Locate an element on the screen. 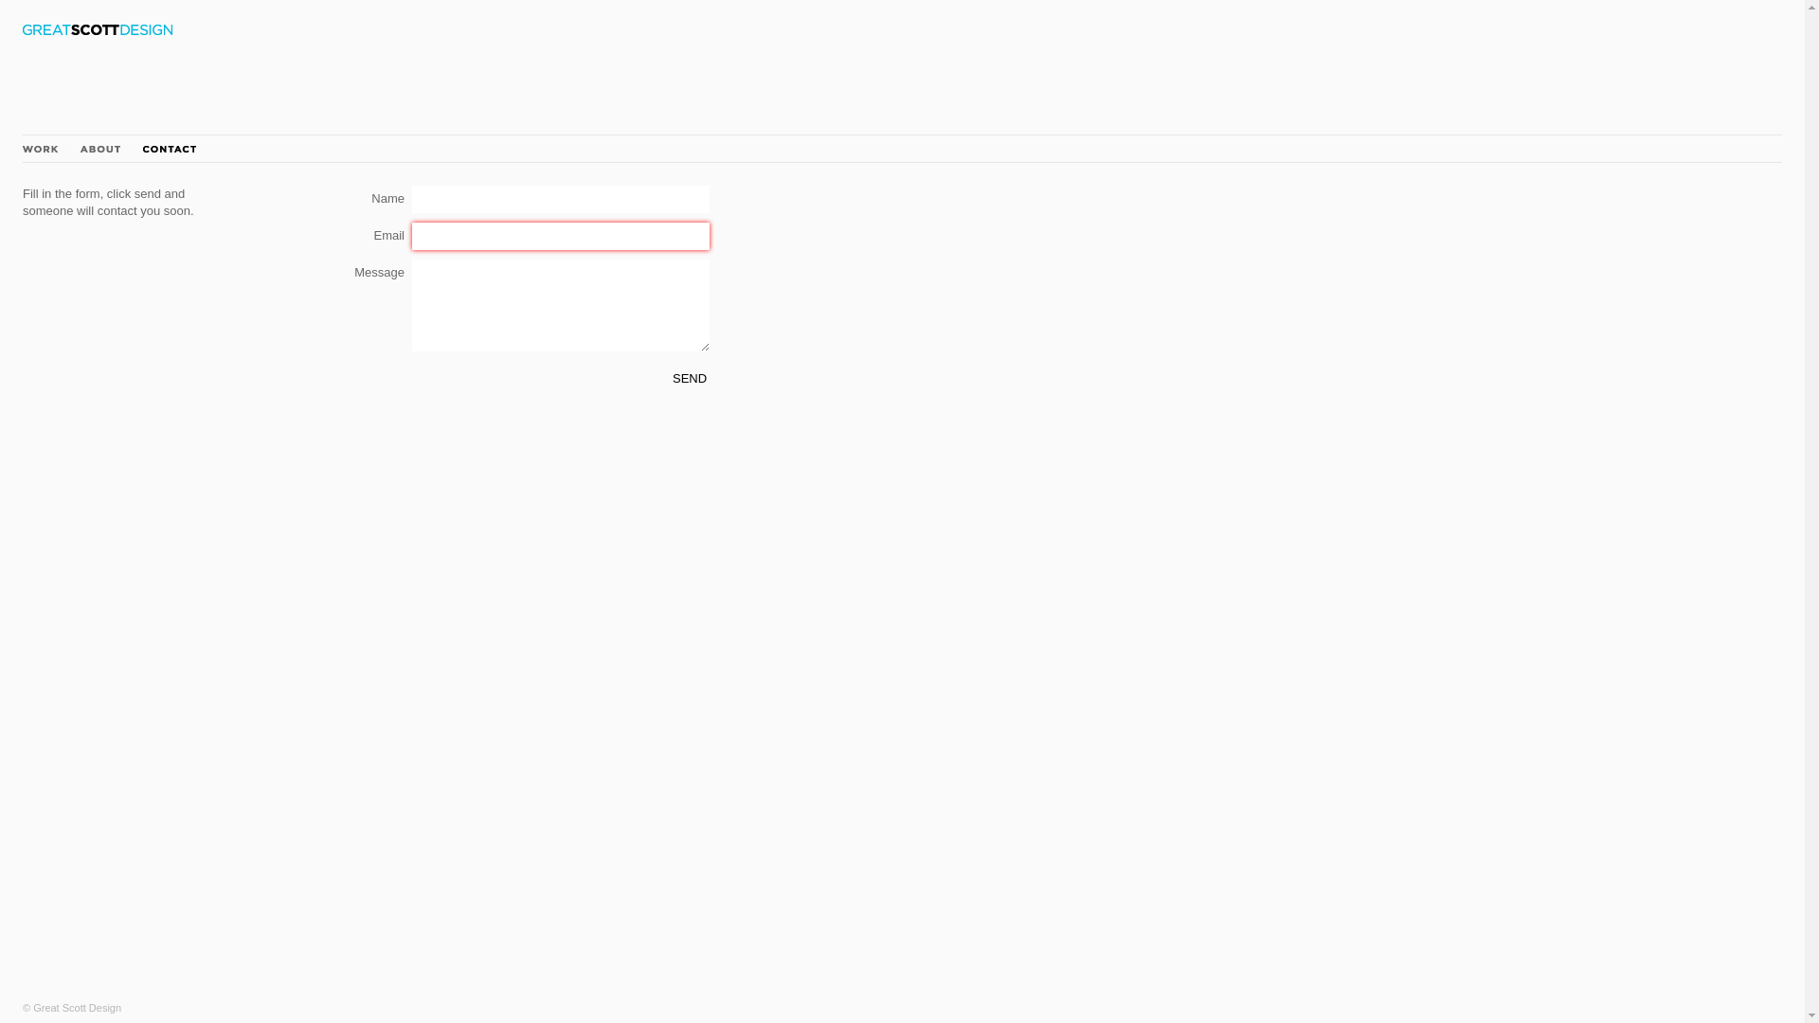  'WORK' is located at coordinates (40, 148).